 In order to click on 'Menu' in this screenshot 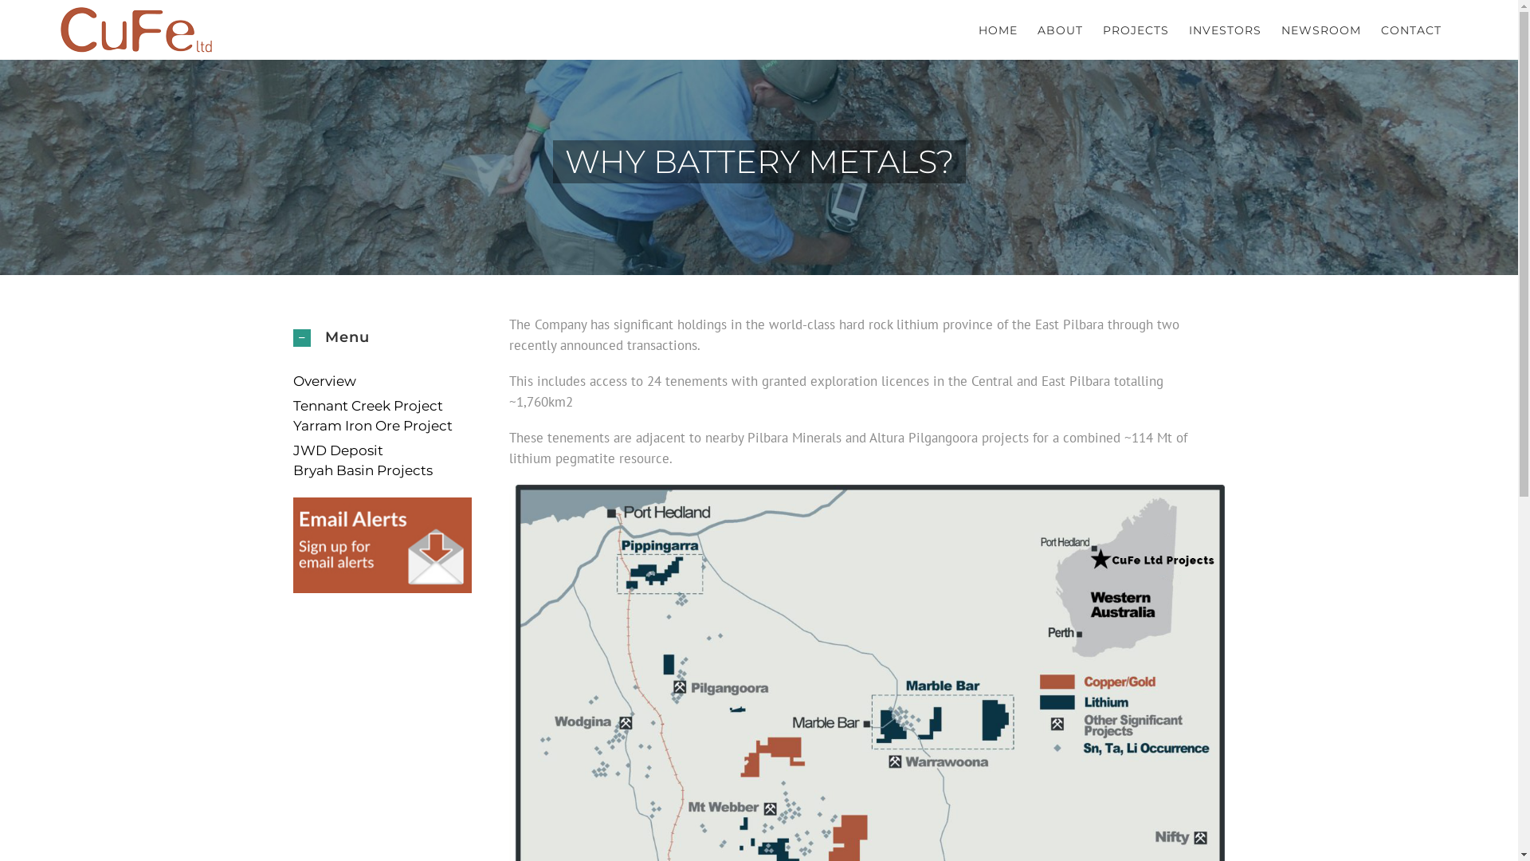, I will do `click(382, 336)`.